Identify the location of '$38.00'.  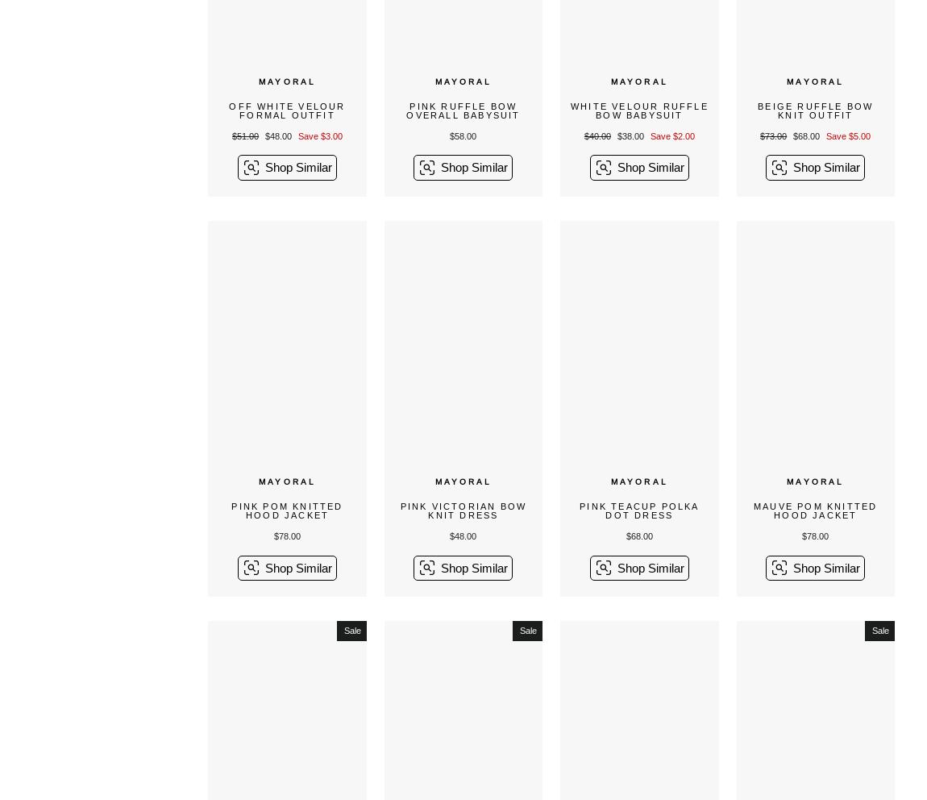
(630, 135).